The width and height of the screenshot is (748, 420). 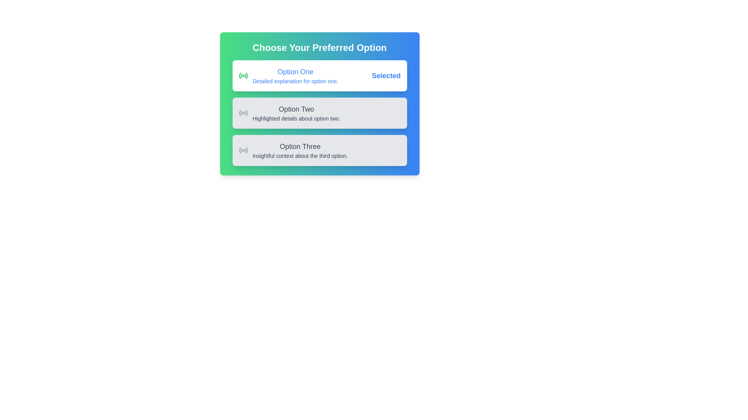 I want to click on the grouped text display component labeled 'Option One', so click(x=295, y=76).